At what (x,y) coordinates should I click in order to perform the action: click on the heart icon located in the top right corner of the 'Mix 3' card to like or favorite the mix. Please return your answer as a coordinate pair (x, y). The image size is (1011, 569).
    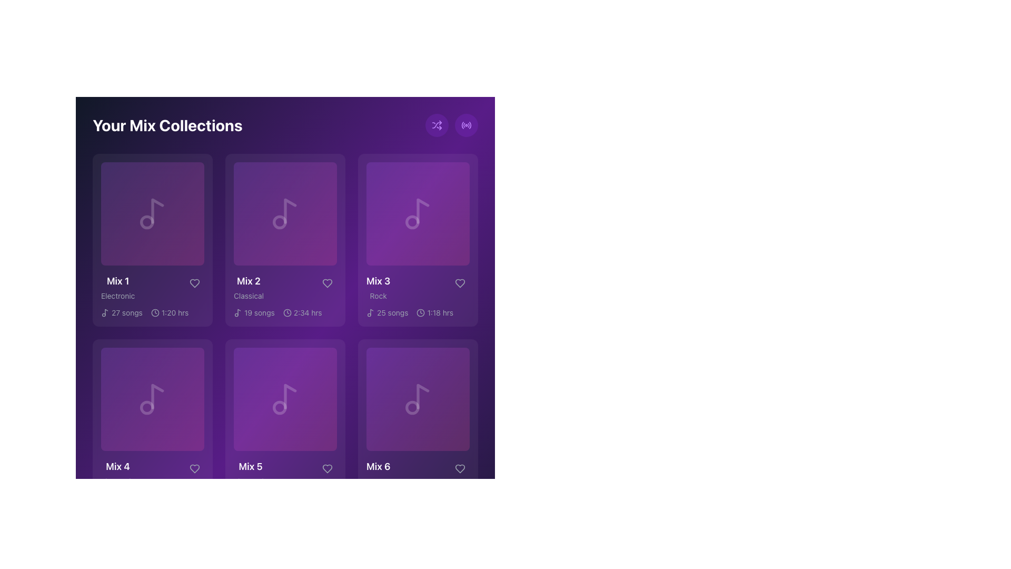
    Looking at the image, I should click on (460, 282).